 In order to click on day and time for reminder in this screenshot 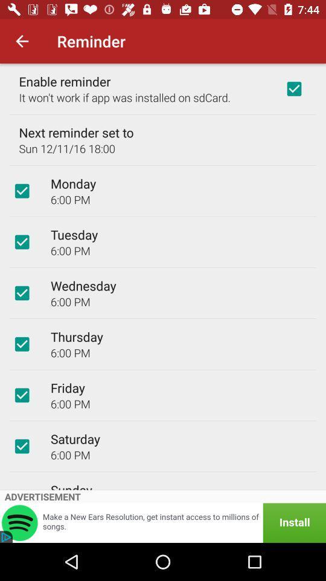, I will do `click(22, 292)`.